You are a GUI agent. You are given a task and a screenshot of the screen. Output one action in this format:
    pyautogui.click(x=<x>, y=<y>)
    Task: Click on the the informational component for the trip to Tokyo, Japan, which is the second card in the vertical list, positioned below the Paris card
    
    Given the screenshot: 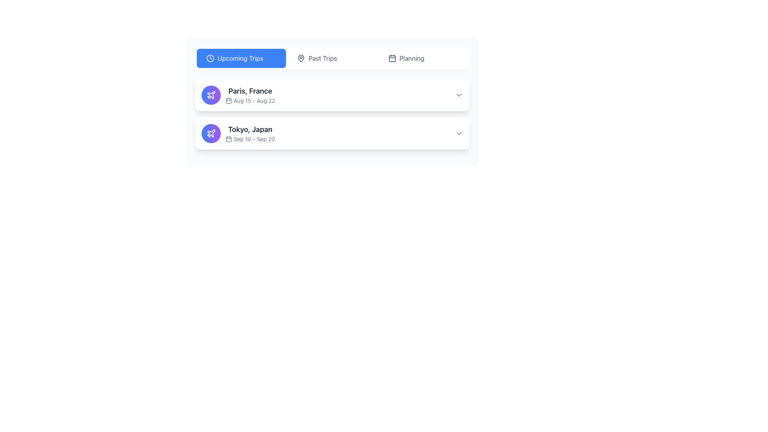 What is the action you would take?
    pyautogui.click(x=250, y=133)
    